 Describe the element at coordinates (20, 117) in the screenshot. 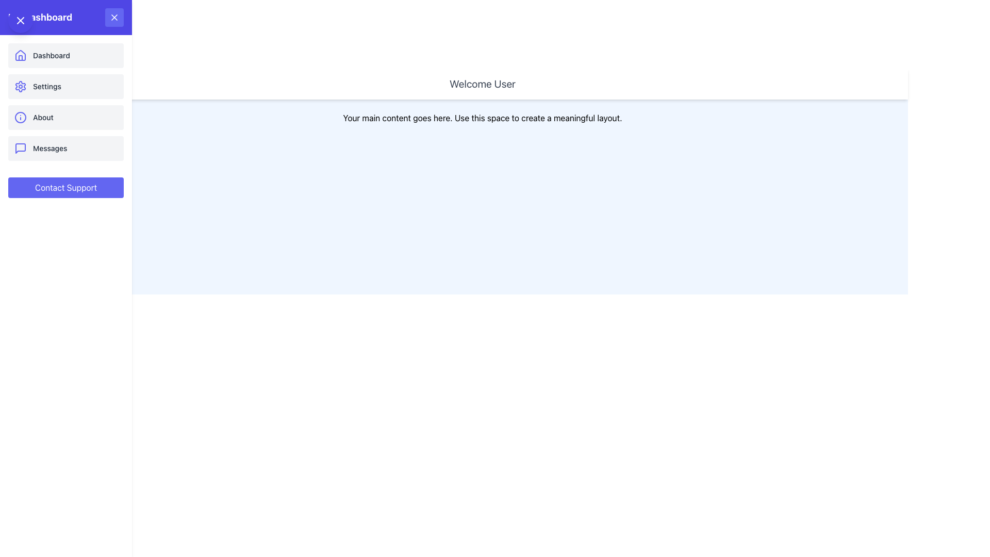

I see `the 'About' icon in the sidebar menu` at that location.